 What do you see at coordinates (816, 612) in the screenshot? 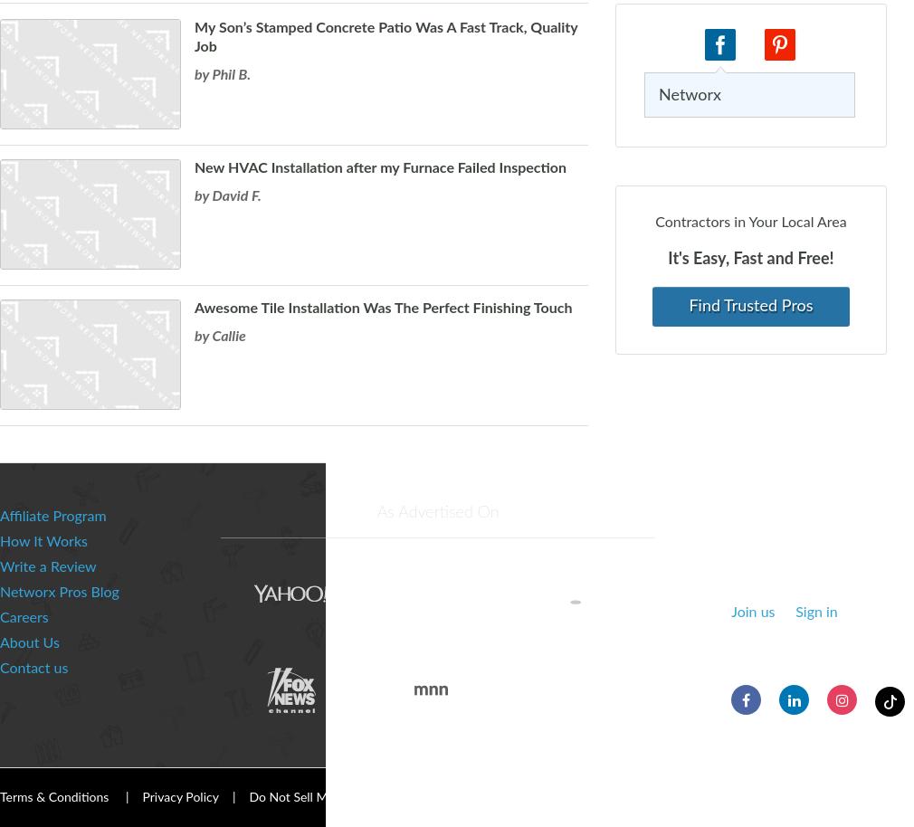
I see `'Sign in'` at bounding box center [816, 612].